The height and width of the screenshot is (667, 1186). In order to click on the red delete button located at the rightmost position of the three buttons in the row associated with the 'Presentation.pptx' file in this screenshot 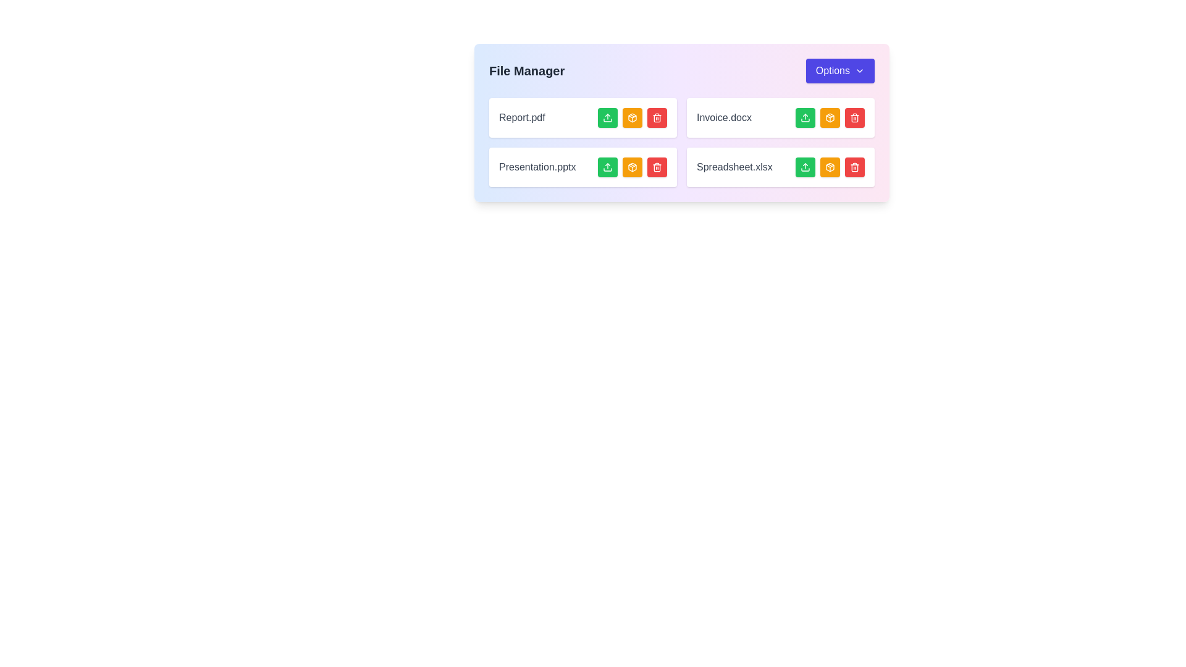, I will do `click(657, 167)`.